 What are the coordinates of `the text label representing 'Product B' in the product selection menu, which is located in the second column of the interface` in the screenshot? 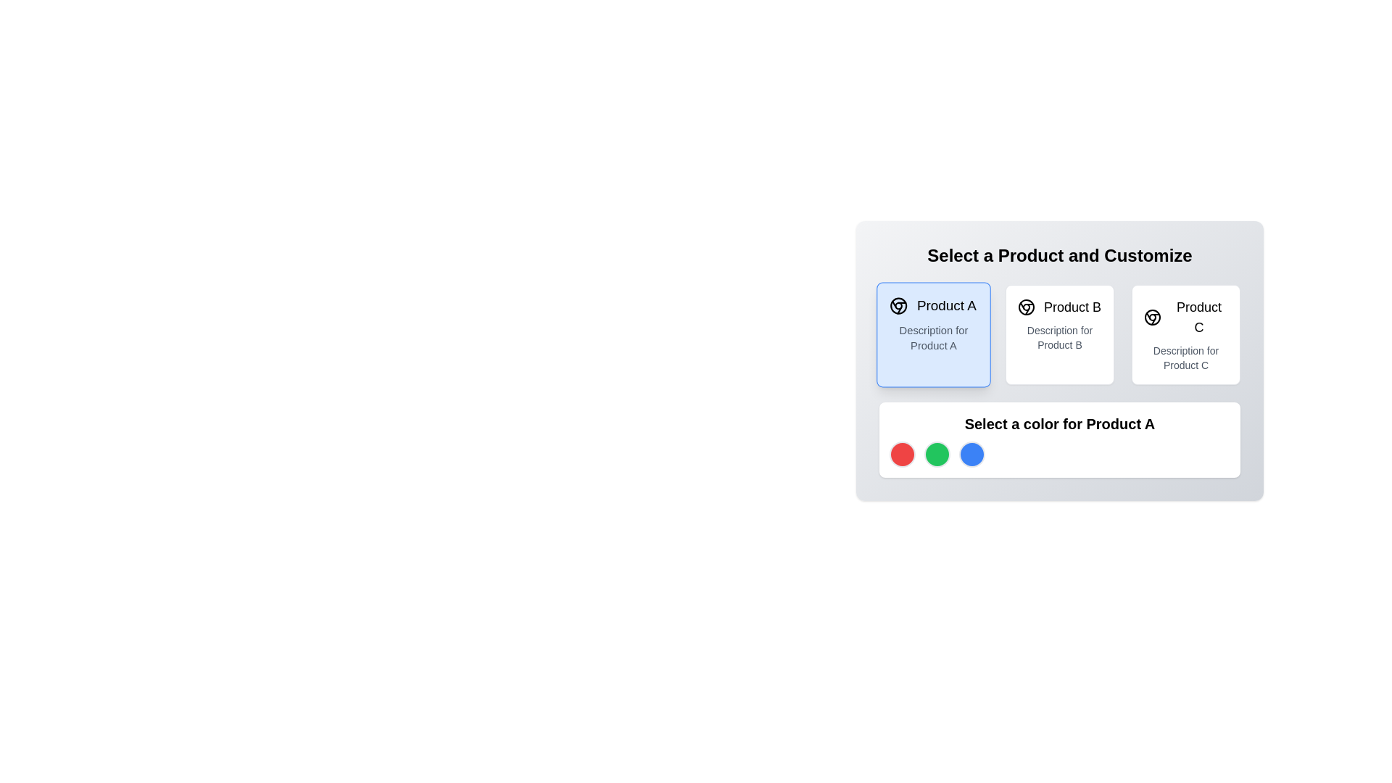 It's located at (1072, 307).